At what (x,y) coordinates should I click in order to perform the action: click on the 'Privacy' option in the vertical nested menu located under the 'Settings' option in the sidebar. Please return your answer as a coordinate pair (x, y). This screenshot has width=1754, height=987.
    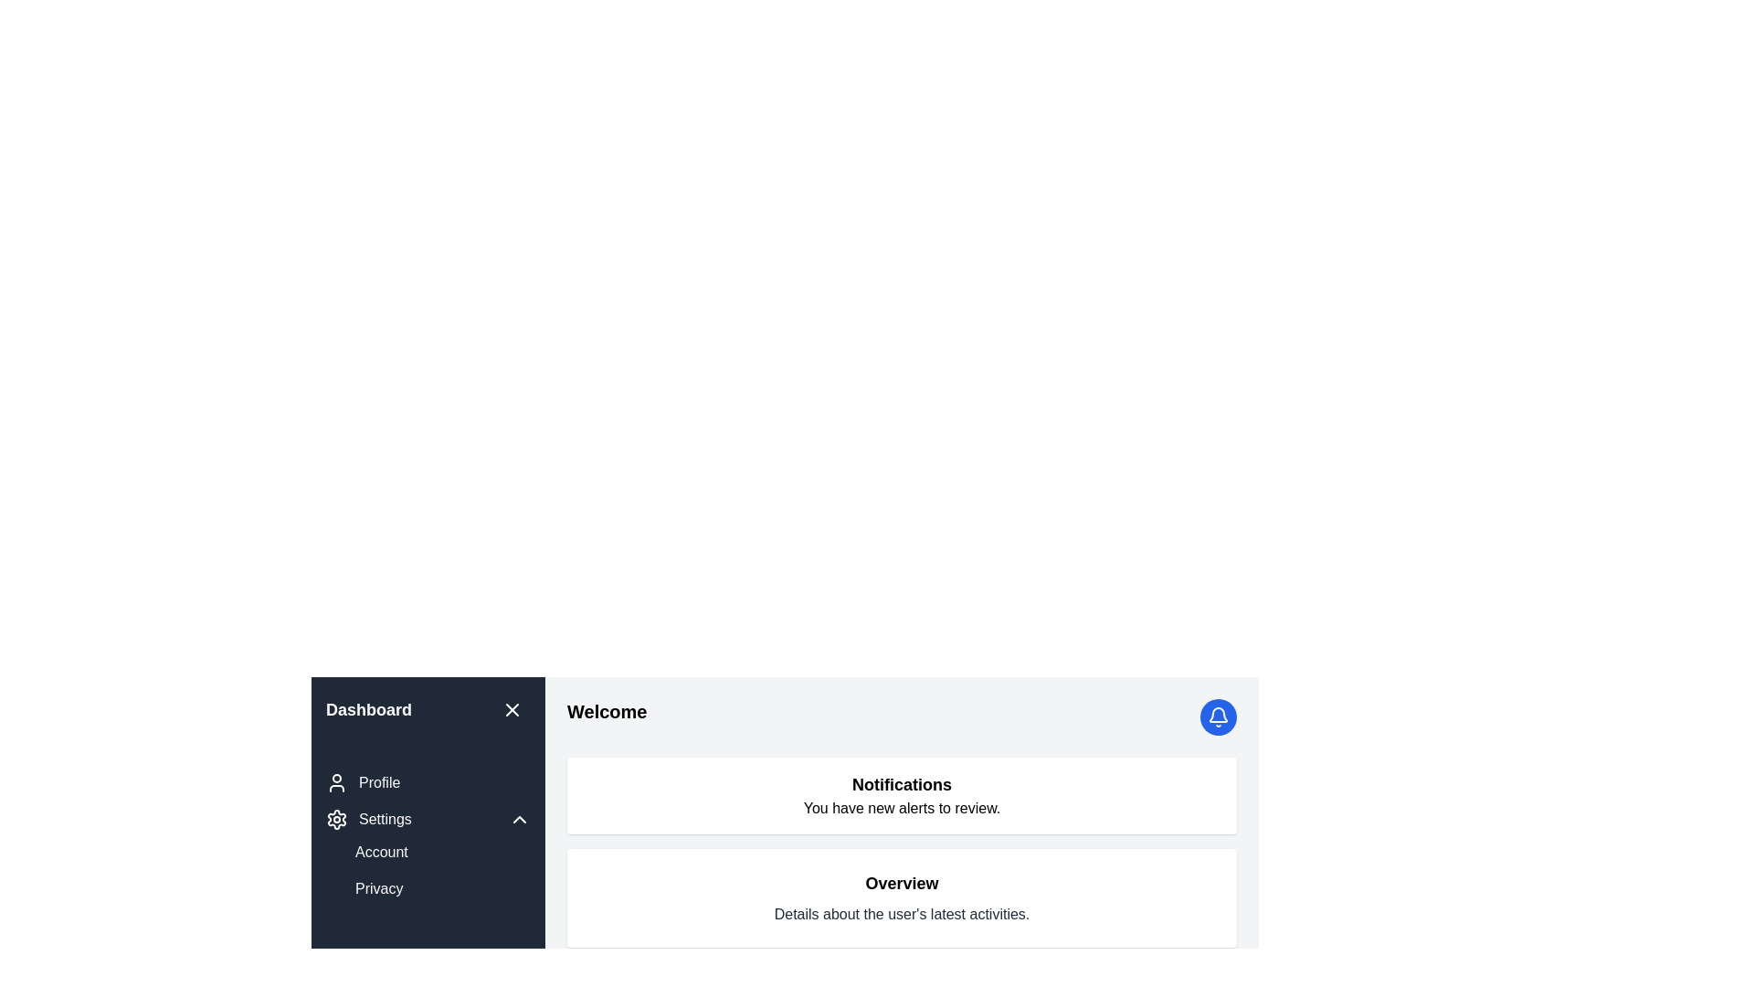
    Looking at the image, I should click on (442, 869).